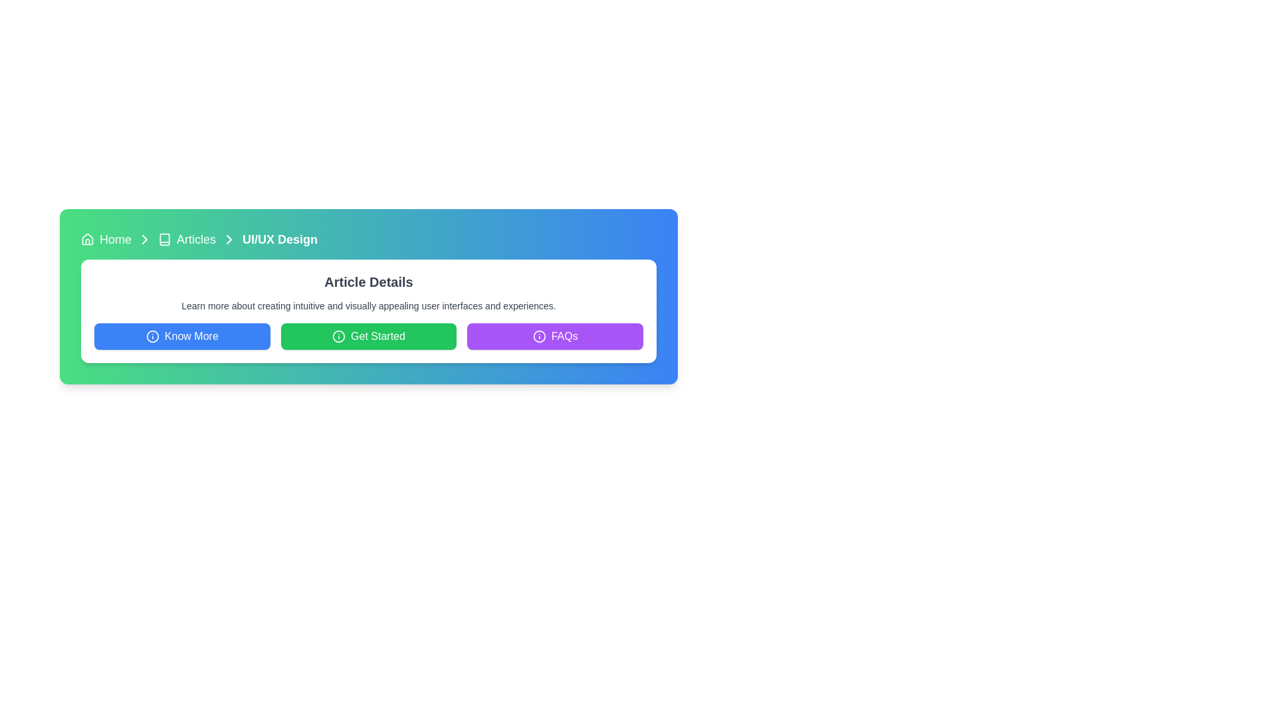 The height and width of the screenshot is (717, 1276). What do you see at coordinates (369, 281) in the screenshot?
I see `the Text Label that serves as the header or title of the content section, located towards the top of the inner content area, directly above a descriptive paragraph and a grid of action buttons` at bounding box center [369, 281].